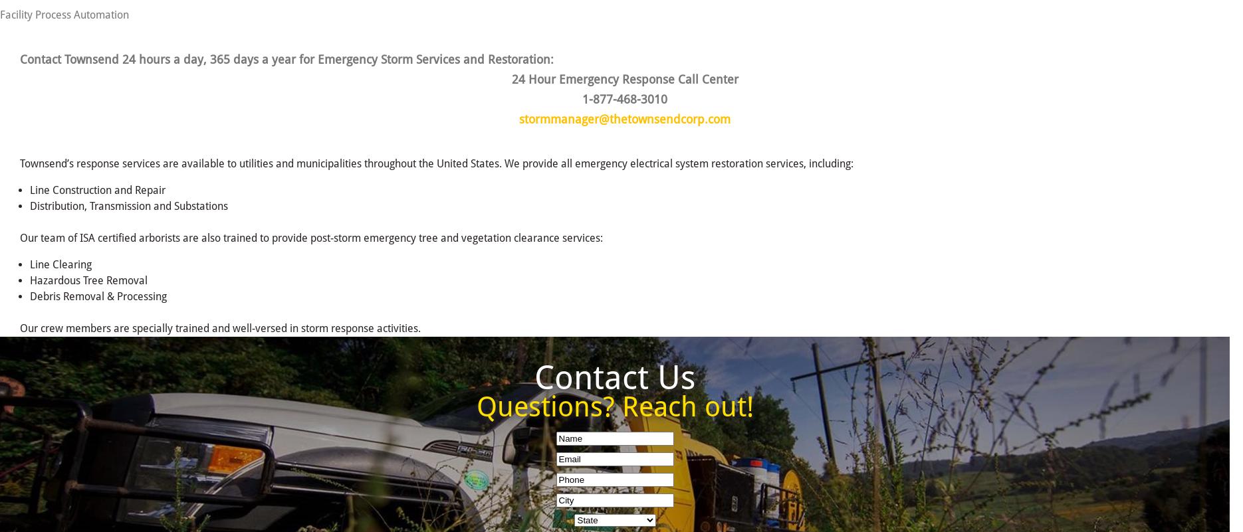 The image size is (1243, 532). What do you see at coordinates (220, 327) in the screenshot?
I see `'Our crew members are specially trained and well-versed in storm response activities.'` at bounding box center [220, 327].